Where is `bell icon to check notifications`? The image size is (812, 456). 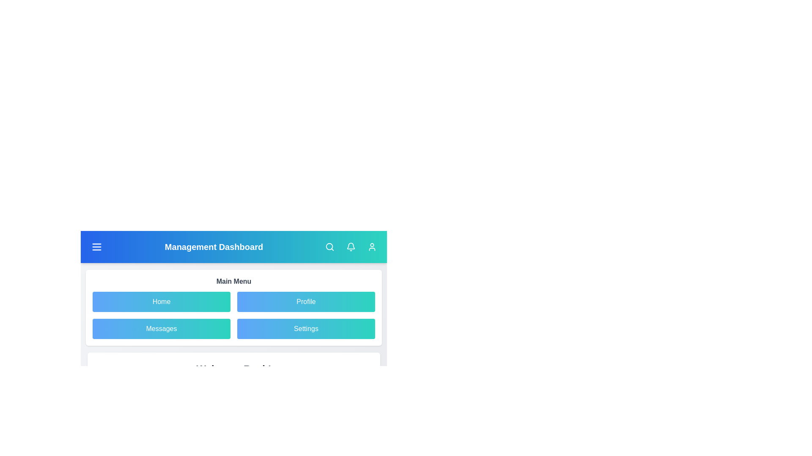
bell icon to check notifications is located at coordinates (351, 247).